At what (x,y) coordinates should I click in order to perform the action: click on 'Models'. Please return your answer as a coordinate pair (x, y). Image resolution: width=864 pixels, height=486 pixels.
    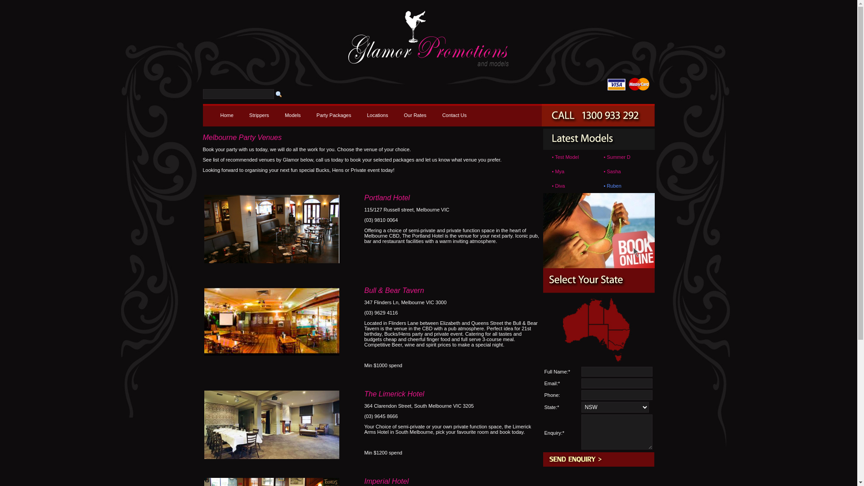
    Looking at the image, I should click on (292, 114).